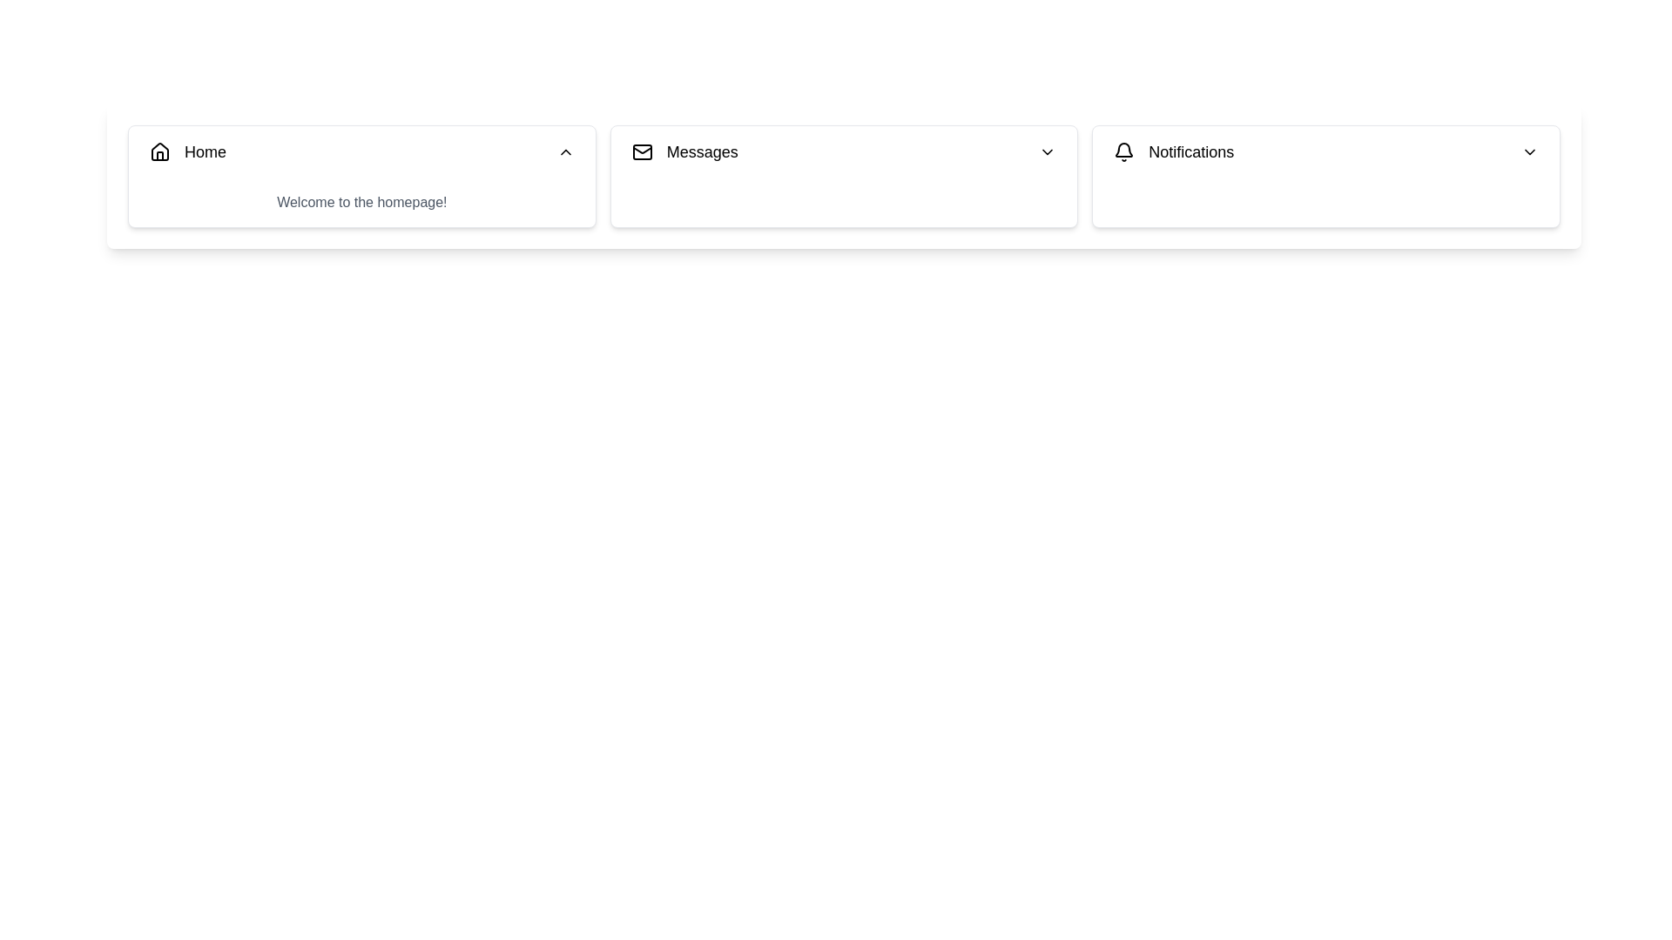 The height and width of the screenshot is (940, 1672). What do you see at coordinates (641, 151) in the screenshot?
I see `the envelope icon representing mail in the Messages section of the top row interface` at bounding box center [641, 151].